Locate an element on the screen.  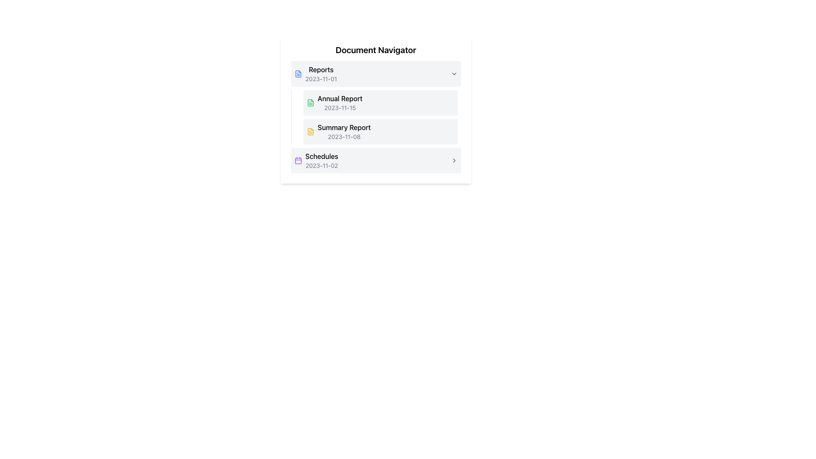
the second list item in the 'Reports' section of the 'Document Navigator' that displays 'Annual Report' and '2023-11-15' is located at coordinates (340, 102).